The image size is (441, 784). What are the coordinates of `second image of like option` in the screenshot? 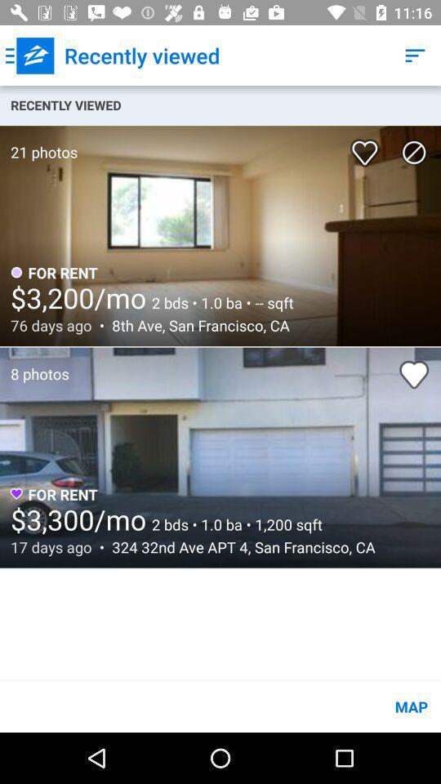 It's located at (414, 374).